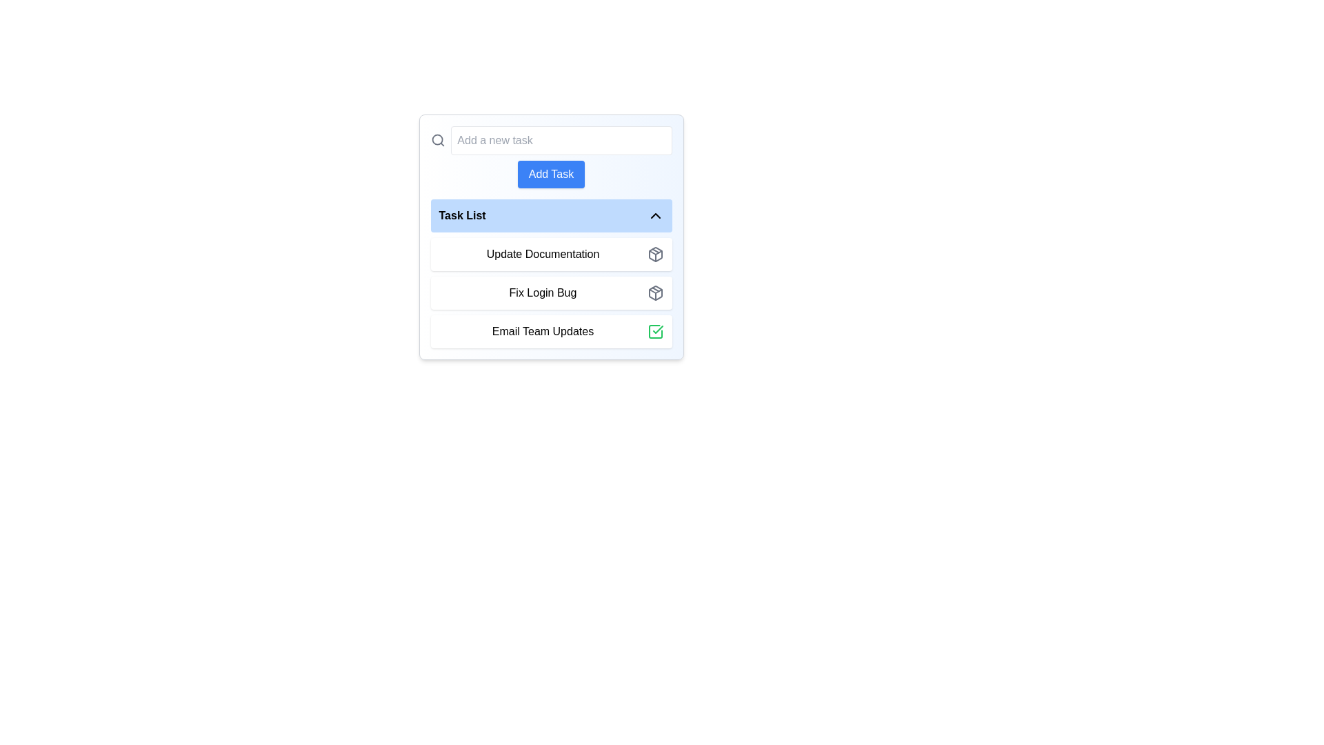 The height and width of the screenshot is (745, 1324). What do you see at coordinates (654, 252) in the screenshot?
I see `the triangular SVG element part of the icon located to the right of the 'Fix Login Bug' text in the task list` at bounding box center [654, 252].